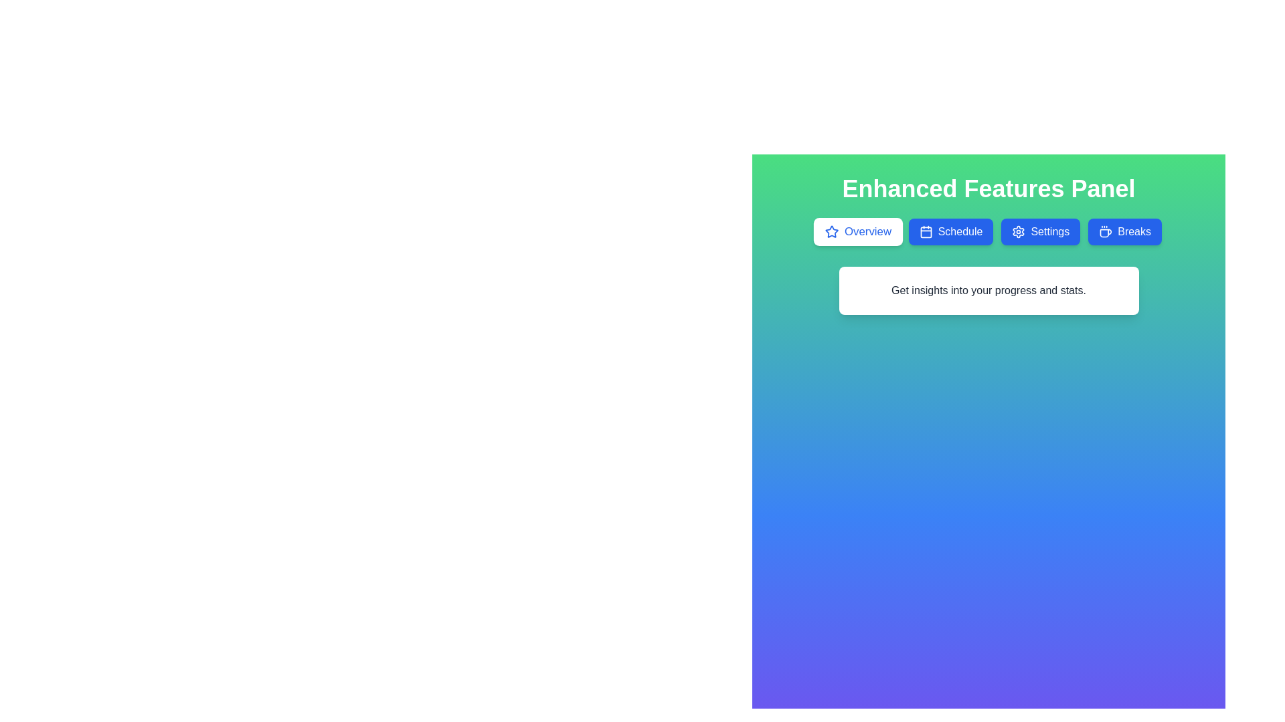 The width and height of the screenshot is (1285, 722). What do you see at coordinates (1124, 231) in the screenshot?
I see `the fourth button in the horizontal row under the 'Enhanced Features Panel' header` at bounding box center [1124, 231].